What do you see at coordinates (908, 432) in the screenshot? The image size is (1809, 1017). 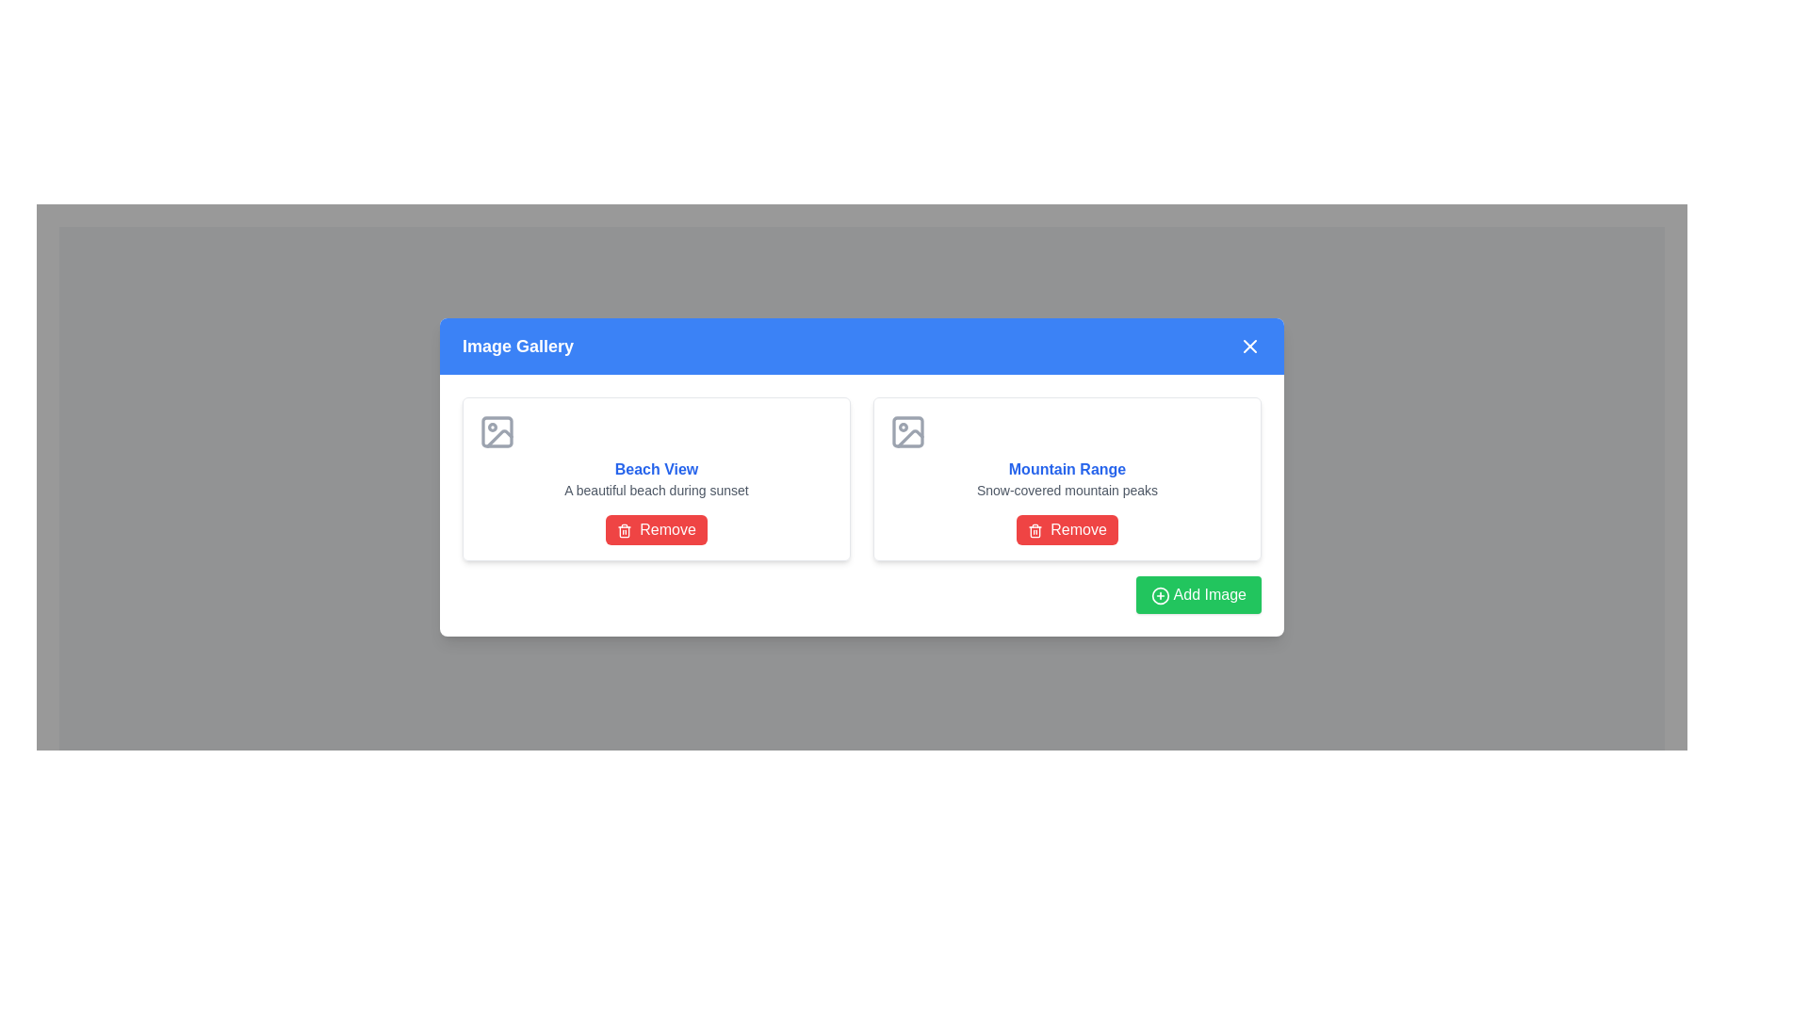 I see `the small rectangular SVG subcomponent with rounded corners located in the top-left corner of the 'Mountain Range' card's image placeholder` at bounding box center [908, 432].